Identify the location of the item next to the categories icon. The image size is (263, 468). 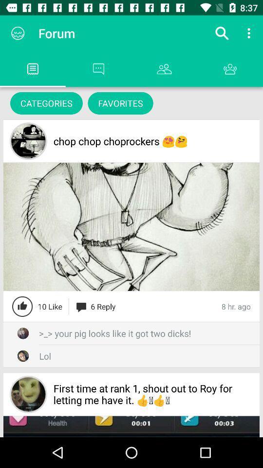
(120, 103).